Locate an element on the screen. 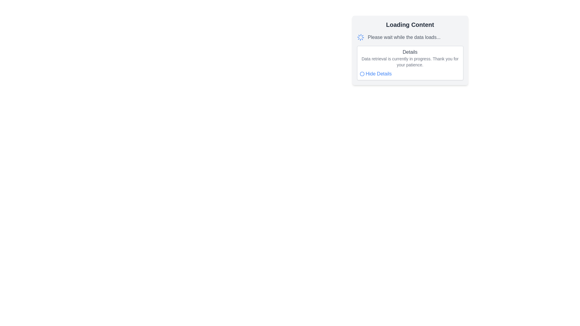 This screenshot has height=326, width=580. the text label that informs the user about the ongoing data retrieval process, located below the title 'Details' and above the 'Hide Details' element is located at coordinates (410, 62).